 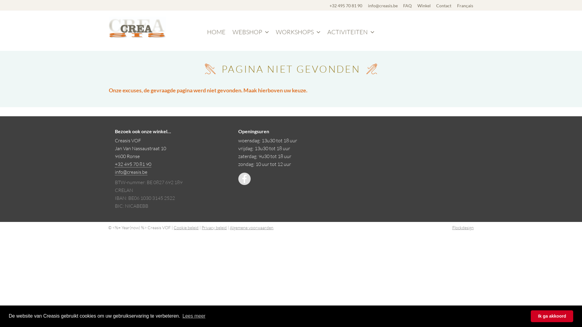 I want to click on 'HOME', so click(x=216, y=32).